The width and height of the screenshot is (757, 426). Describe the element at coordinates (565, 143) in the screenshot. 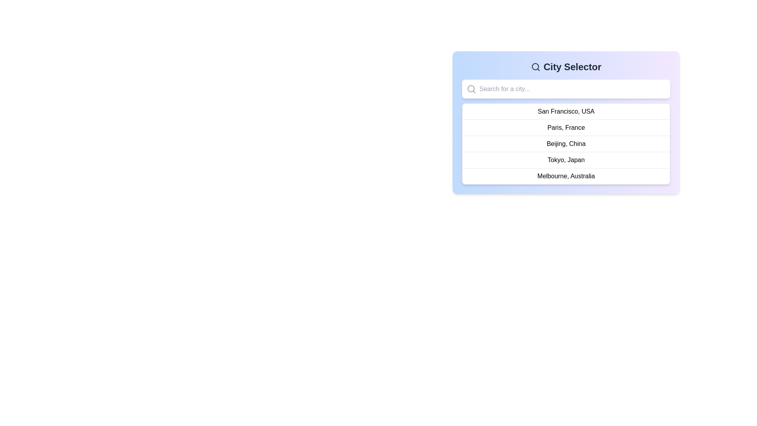

I see `the third list item in the dropdown menu` at that location.